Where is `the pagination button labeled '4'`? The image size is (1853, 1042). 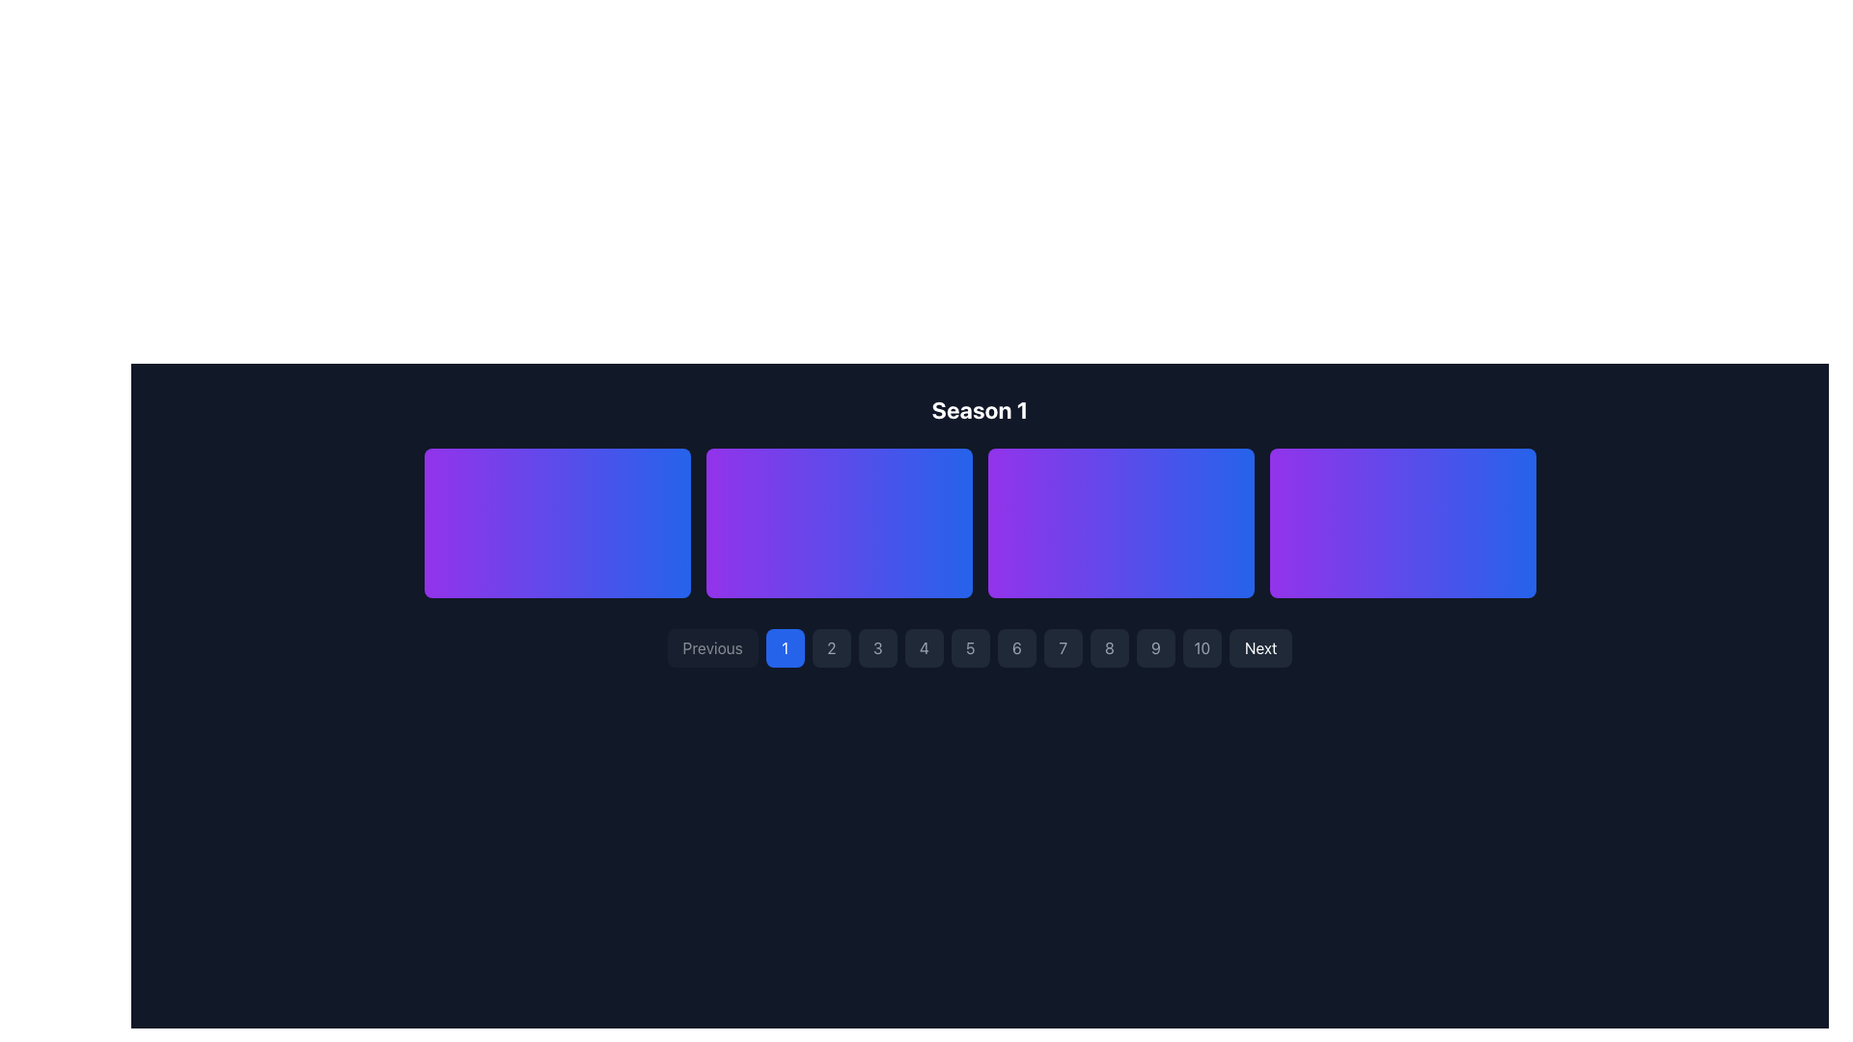
the pagination button labeled '4' is located at coordinates (923, 648).